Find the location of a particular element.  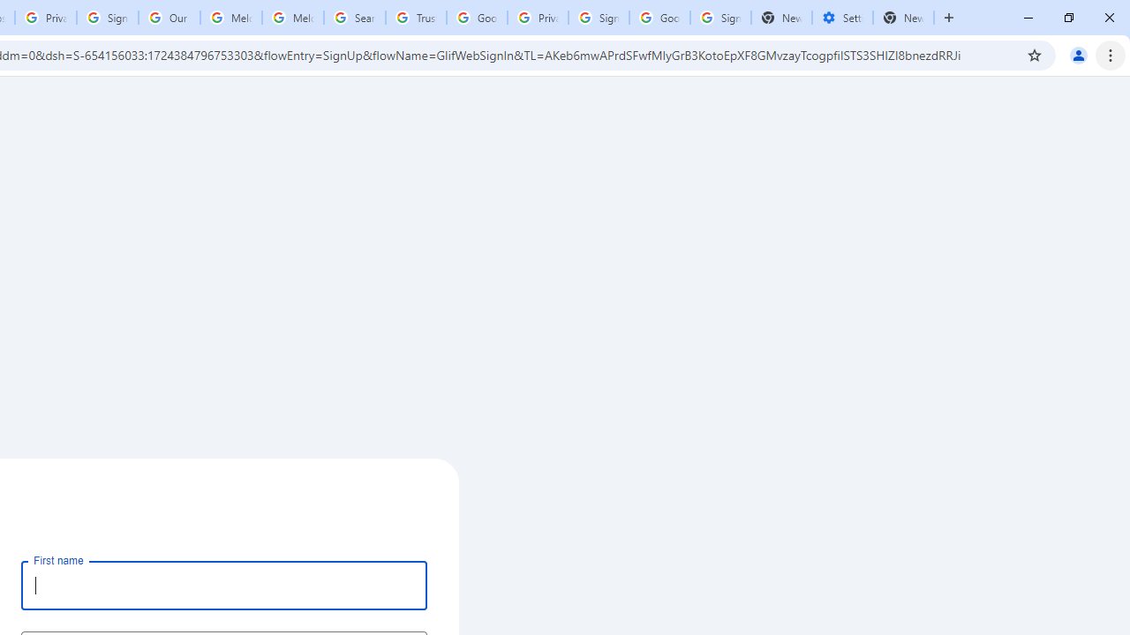

'First name' is located at coordinates (223, 585).